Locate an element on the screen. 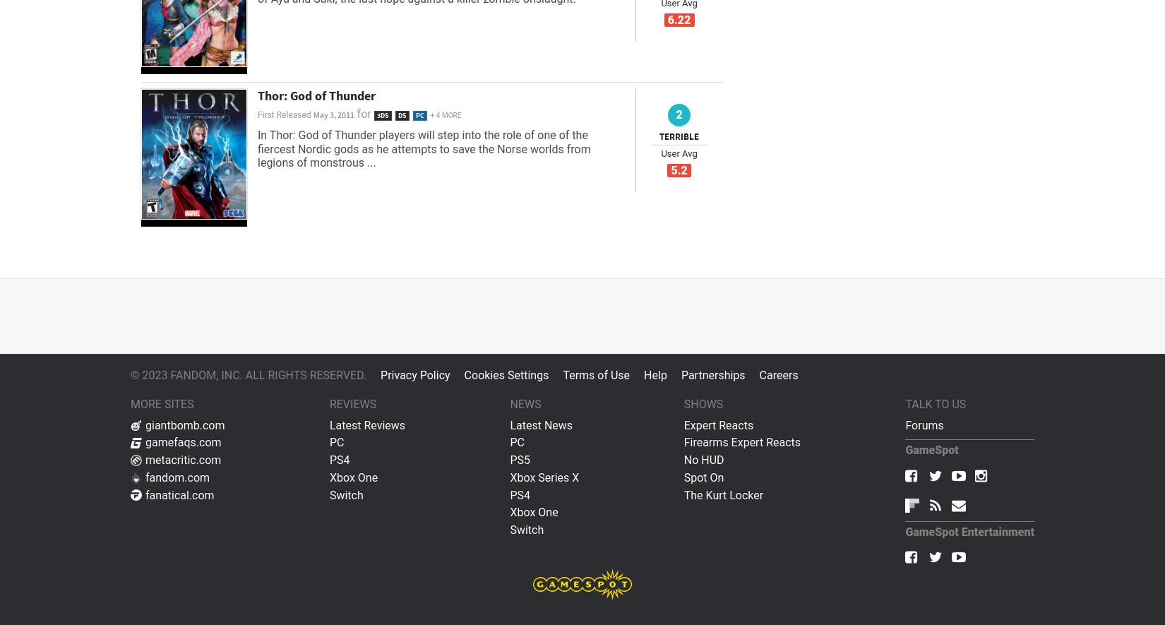  '© 2023 FANDOM, INC. ALL RIGHTS RESERVED.' is located at coordinates (248, 374).